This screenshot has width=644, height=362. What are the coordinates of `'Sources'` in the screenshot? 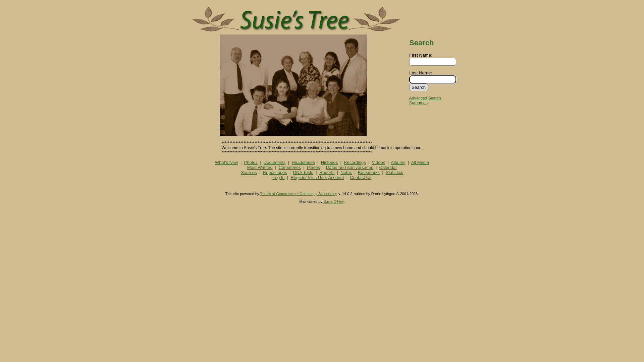 It's located at (249, 172).